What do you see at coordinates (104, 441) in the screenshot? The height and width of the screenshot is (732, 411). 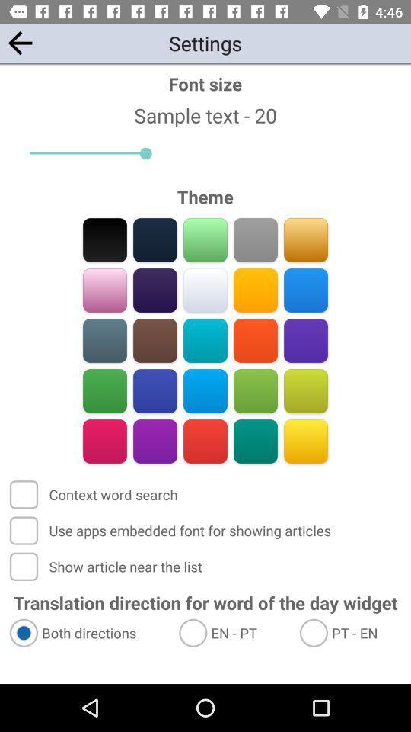 I see `color selection` at bounding box center [104, 441].